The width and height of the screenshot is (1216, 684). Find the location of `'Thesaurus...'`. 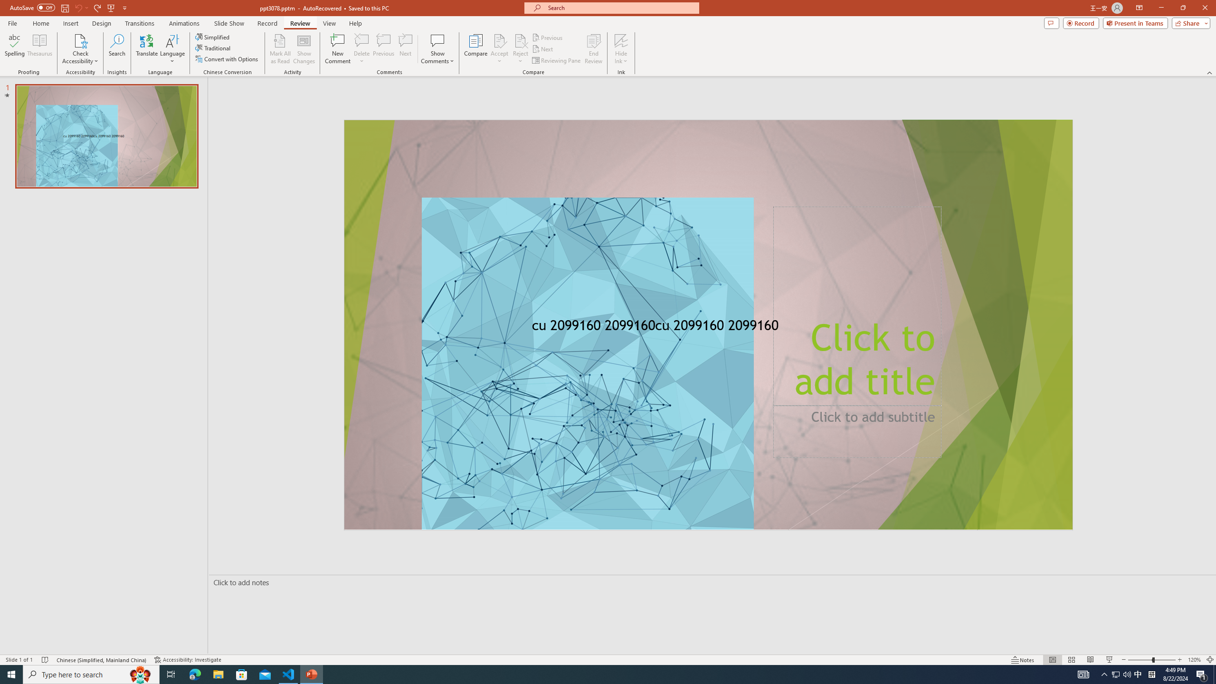

'Thesaurus...' is located at coordinates (39, 49).